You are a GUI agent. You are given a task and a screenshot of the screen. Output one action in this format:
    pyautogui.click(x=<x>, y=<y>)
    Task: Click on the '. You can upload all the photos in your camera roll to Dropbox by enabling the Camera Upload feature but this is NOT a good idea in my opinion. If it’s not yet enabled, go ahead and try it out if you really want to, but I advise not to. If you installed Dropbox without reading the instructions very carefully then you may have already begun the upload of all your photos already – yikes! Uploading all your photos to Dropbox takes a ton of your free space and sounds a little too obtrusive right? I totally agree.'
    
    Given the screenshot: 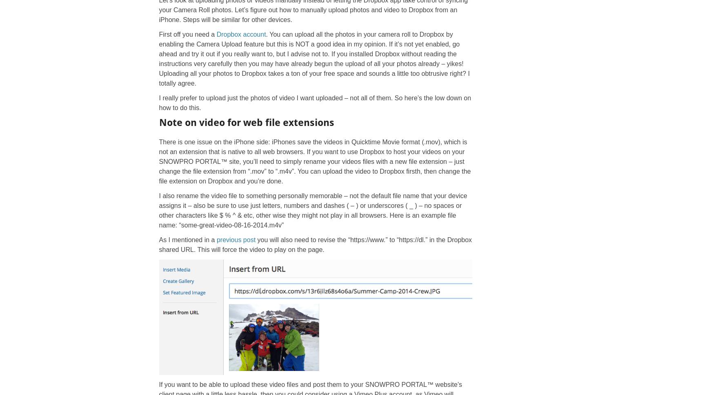 What is the action you would take?
    pyautogui.click(x=314, y=58)
    